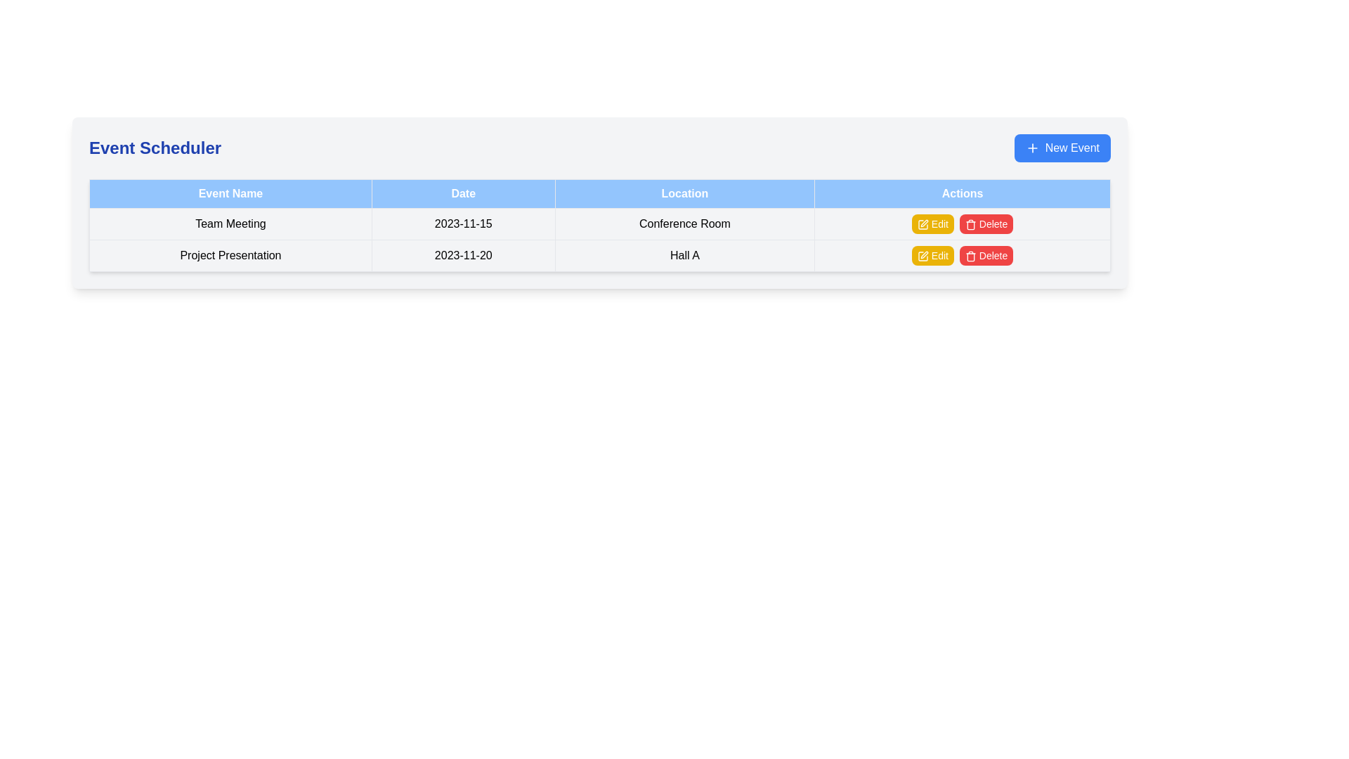  Describe the element at coordinates (684, 223) in the screenshot. I see `the text displaying the location of the 'Team Meeting' event, located under the 'Location' column in the first row of the 'Event Scheduler' table, which is the third column` at that location.